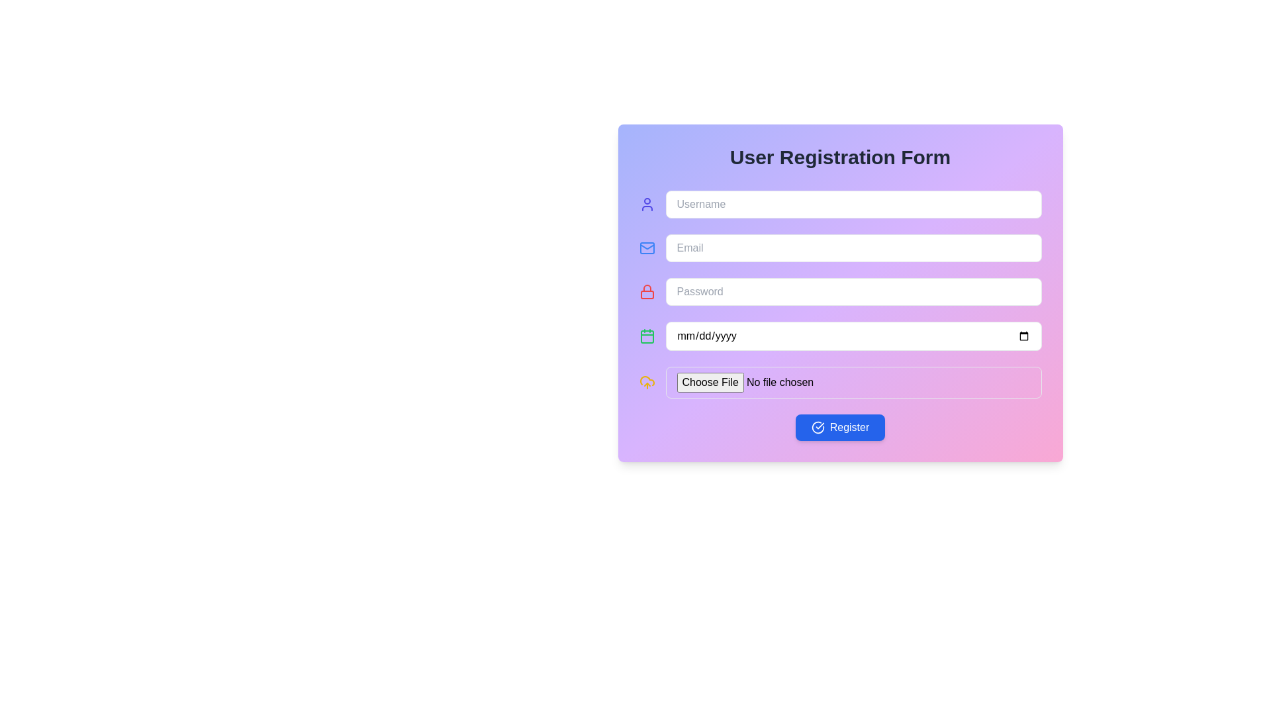  What do you see at coordinates (839, 383) in the screenshot?
I see `the file input field that is the sixth in the form, located below the date input field and above the registration button` at bounding box center [839, 383].